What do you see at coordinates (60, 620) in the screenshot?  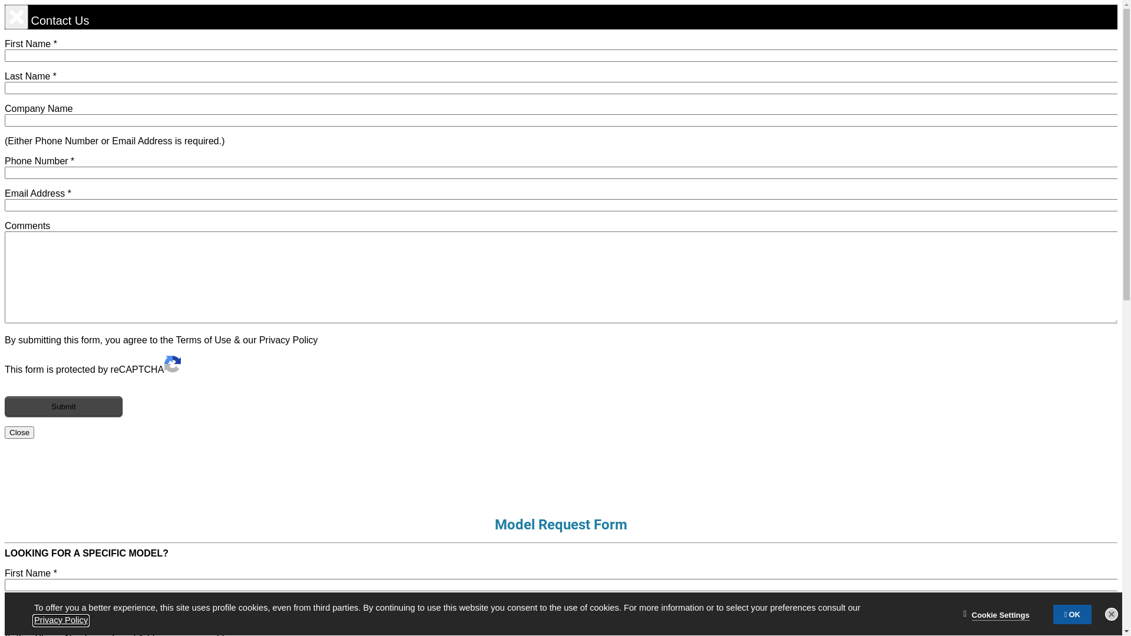 I see `'Privacy Policy'` at bounding box center [60, 620].